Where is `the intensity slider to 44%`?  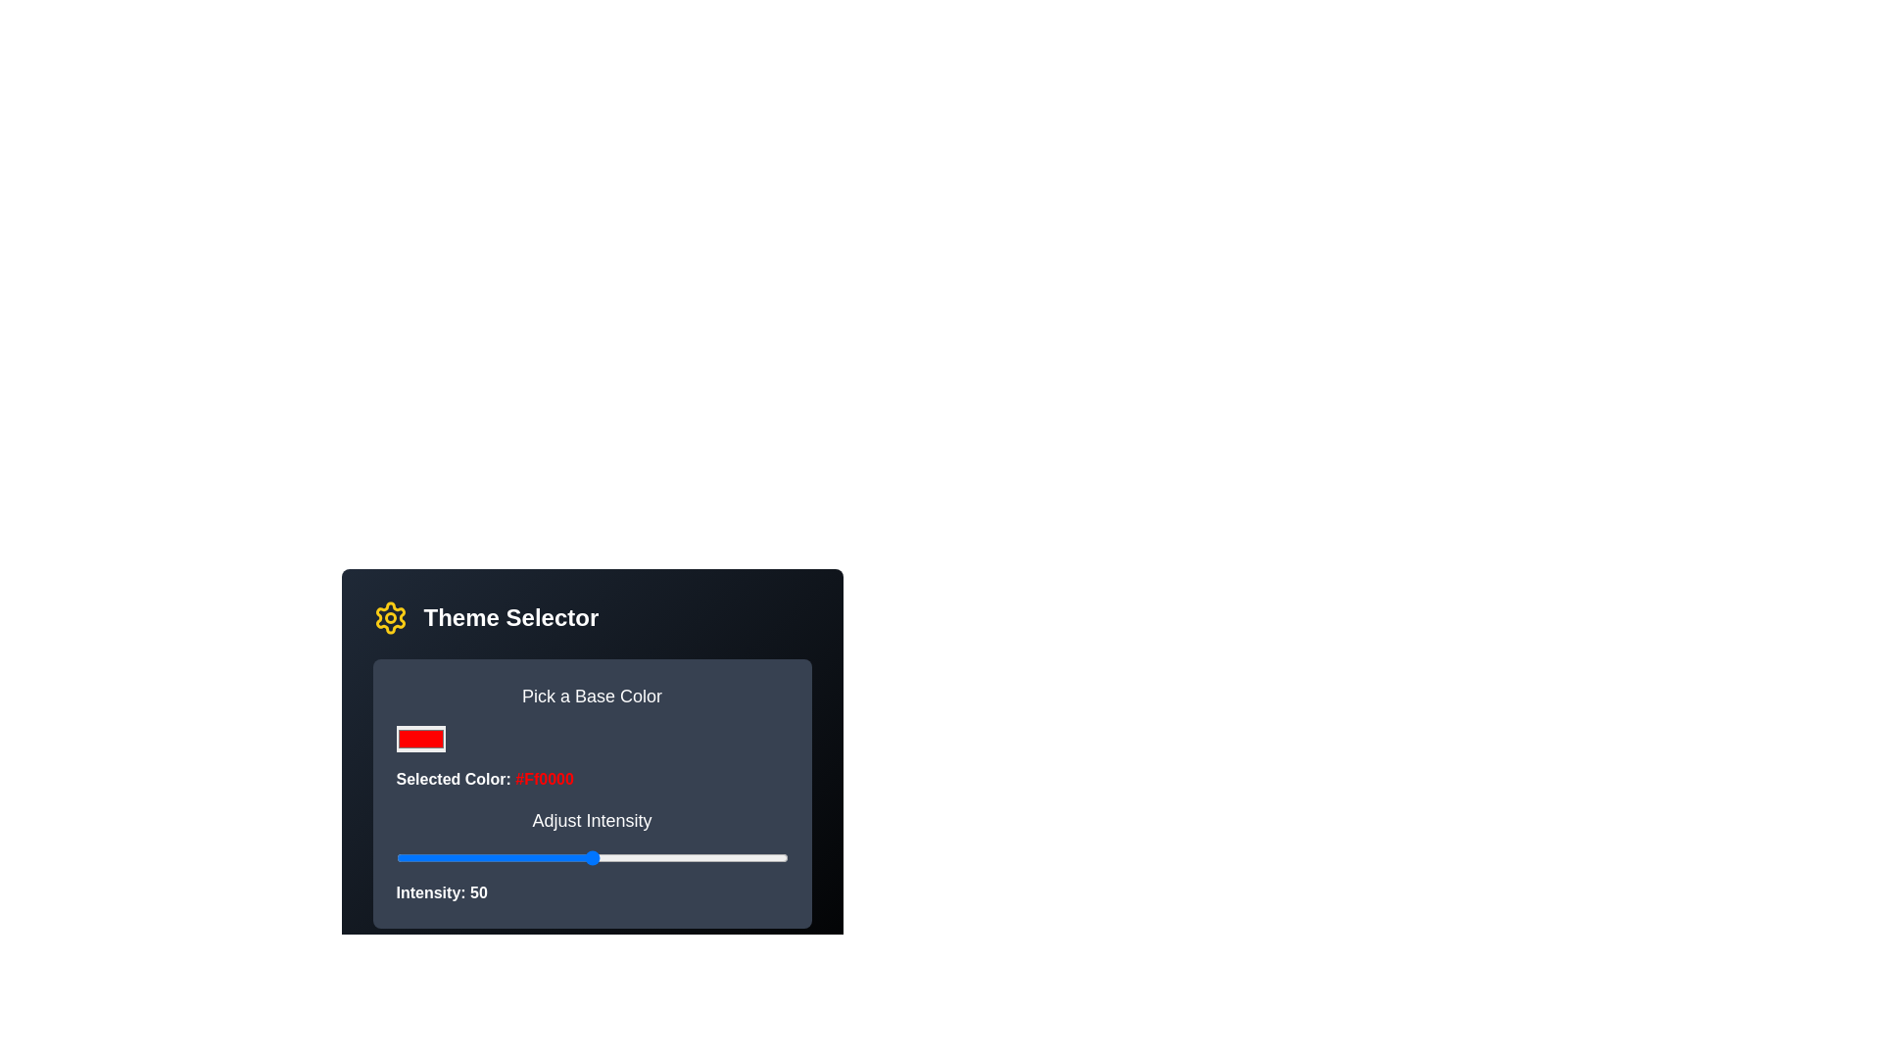
the intensity slider to 44% is located at coordinates (567, 856).